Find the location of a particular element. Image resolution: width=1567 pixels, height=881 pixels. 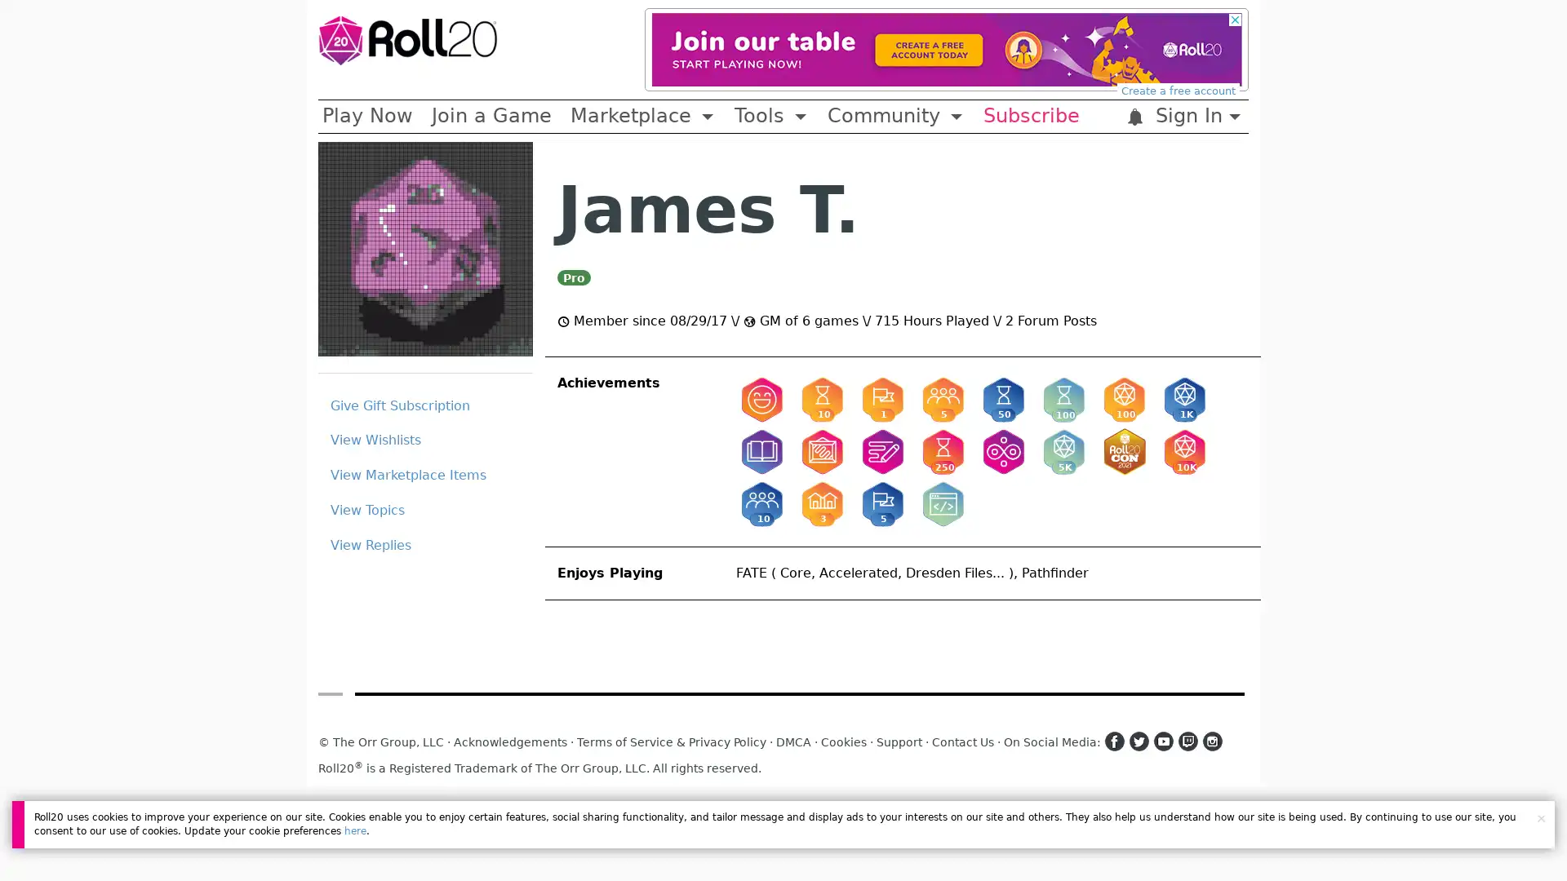

: is located at coordinates (1134, 115).